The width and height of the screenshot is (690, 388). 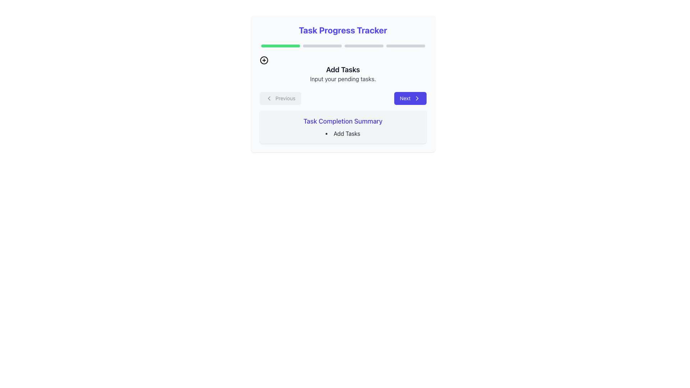 I want to click on the third Progress Bar Segment, which is a horizontal bar with a light gray background and rounded ends, located below the 'Task Progress Tracker' title, so click(x=364, y=46).